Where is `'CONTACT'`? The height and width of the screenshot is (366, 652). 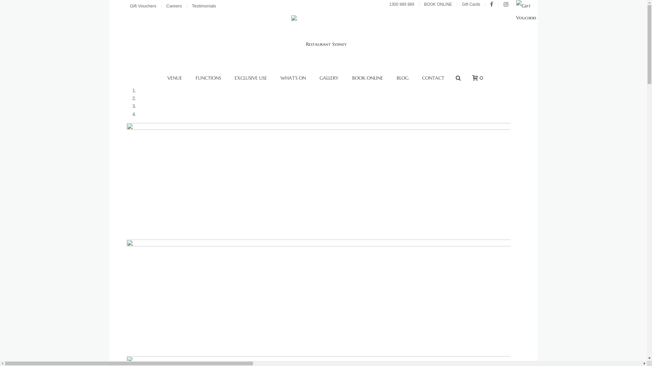
'CONTACT' is located at coordinates (433, 78).